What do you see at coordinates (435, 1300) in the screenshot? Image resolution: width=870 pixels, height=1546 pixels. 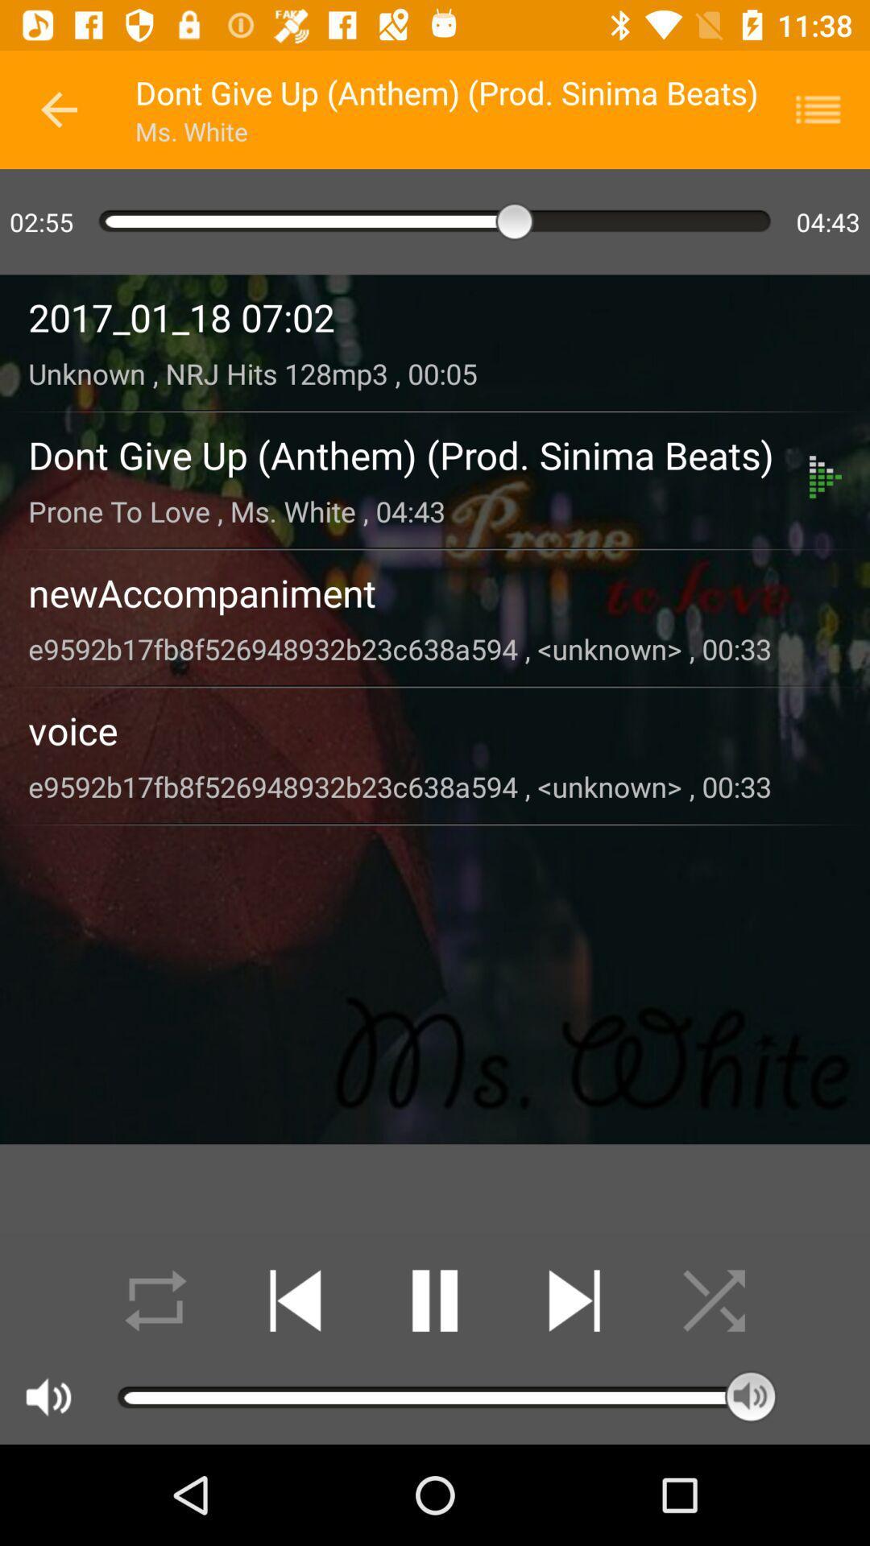 I see `the pause icon` at bounding box center [435, 1300].